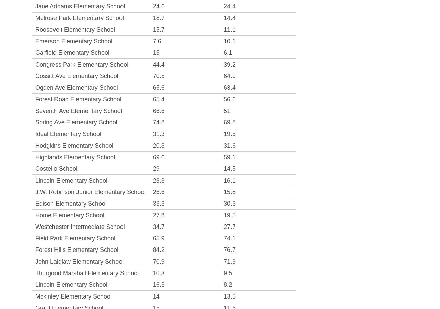 The width and height of the screenshot is (440, 309). I want to click on 'J.W. Robinson Junior Elementary School', so click(90, 192).